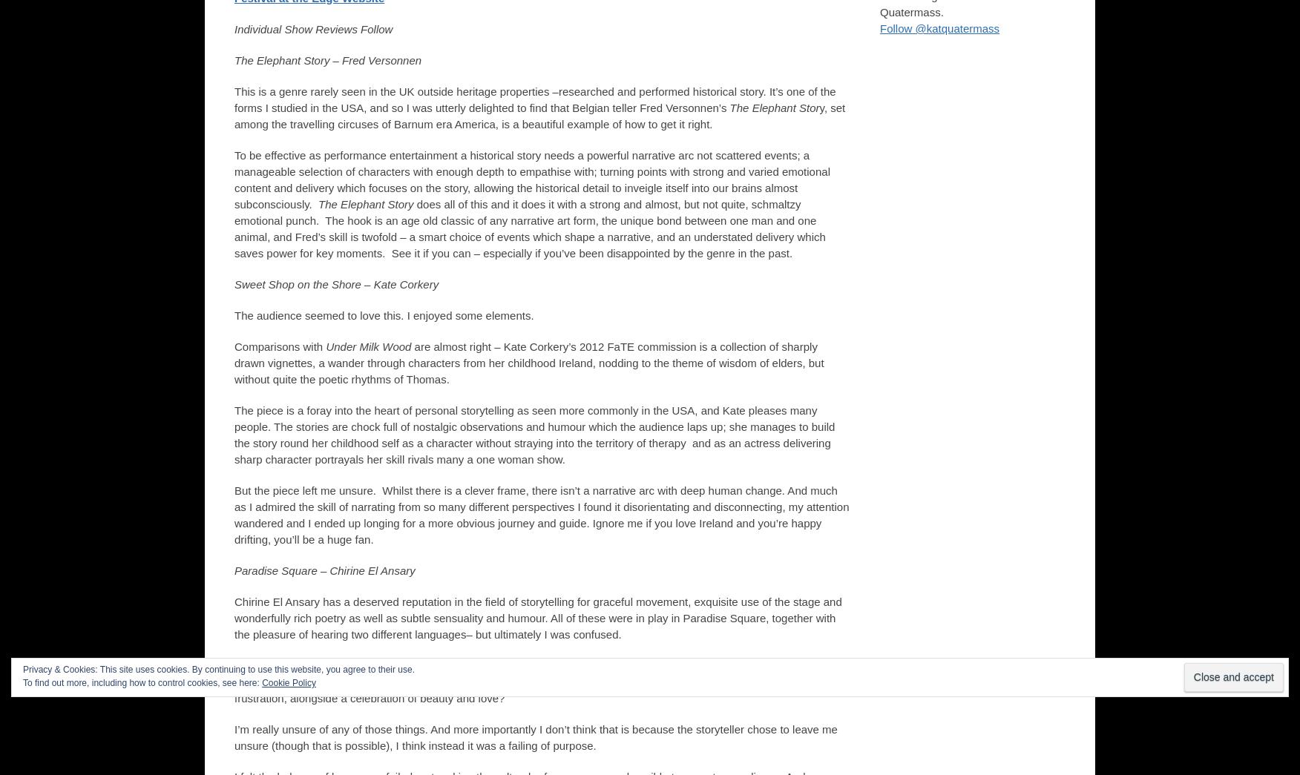 The width and height of the screenshot is (1300, 775). Describe the element at coordinates (528, 362) in the screenshot. I see `'are almost right – Kate Corkery’s 2012 FaTE commission is a collection of sharply drawn vignettes, a wander through characters from her childhood Ireland, nodding to the theme of wisdom of elders, but without quite the poetic rhythms of Thomas.'` at that location.